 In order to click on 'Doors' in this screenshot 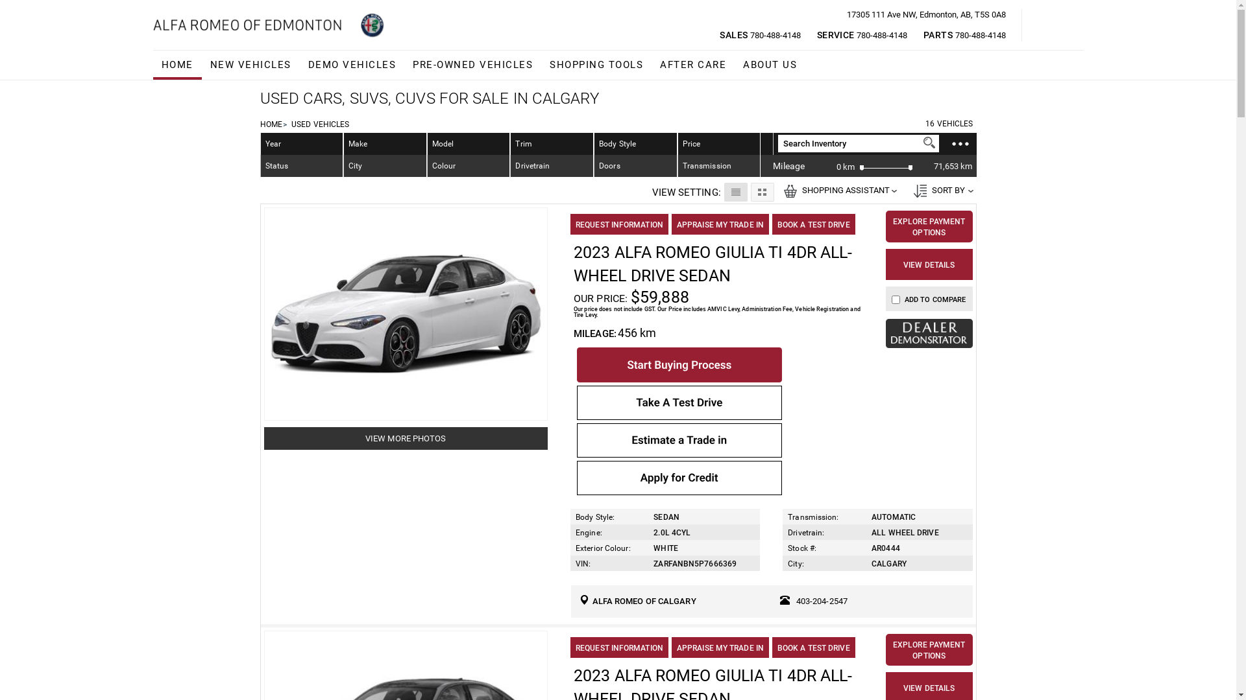, I will do `click(635, 165)`.